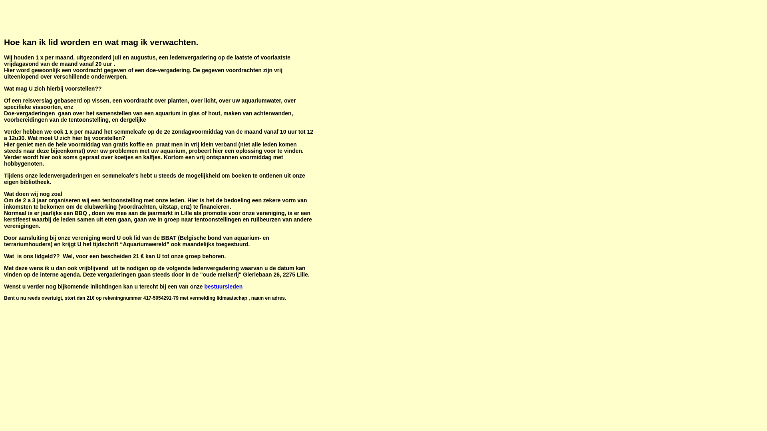 This screenshot has width=767, height=431. What do you see at coordinates (224, 286) in the screenshot?
I see `'bestuursleden'` at bounding box center [224, 286].